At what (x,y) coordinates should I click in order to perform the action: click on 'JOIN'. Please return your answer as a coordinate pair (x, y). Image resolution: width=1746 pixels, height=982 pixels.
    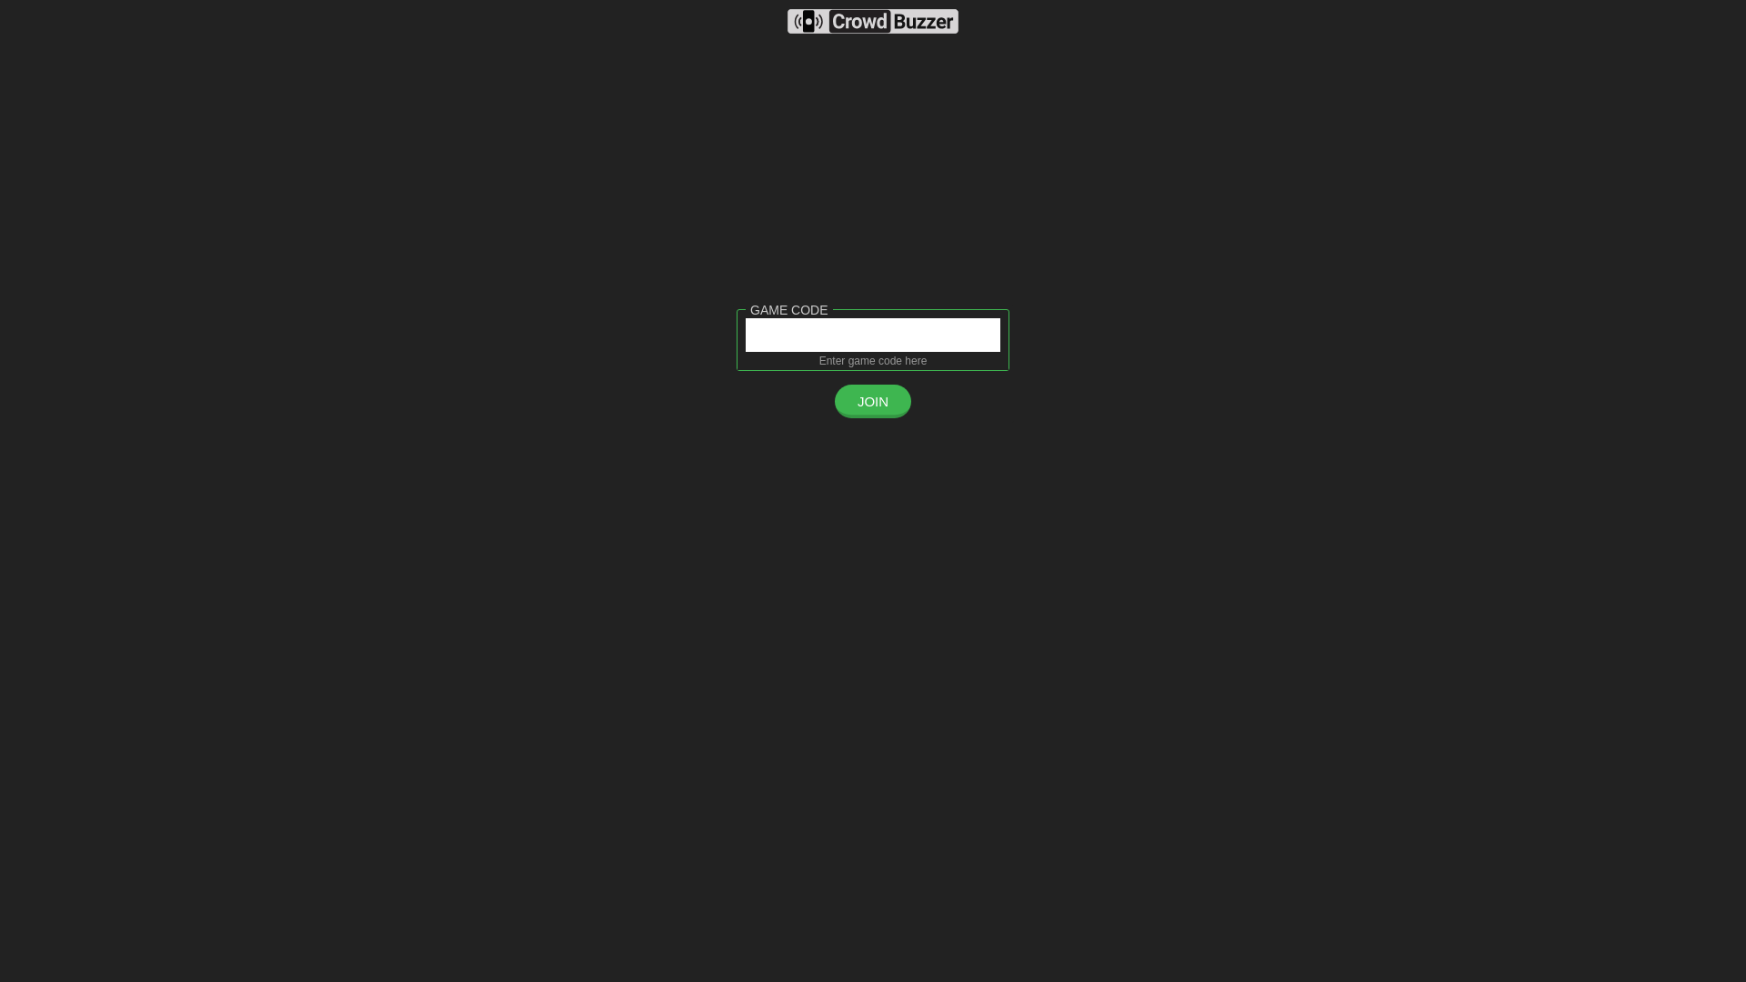
    Looking at the image, I should click on (873, 400).